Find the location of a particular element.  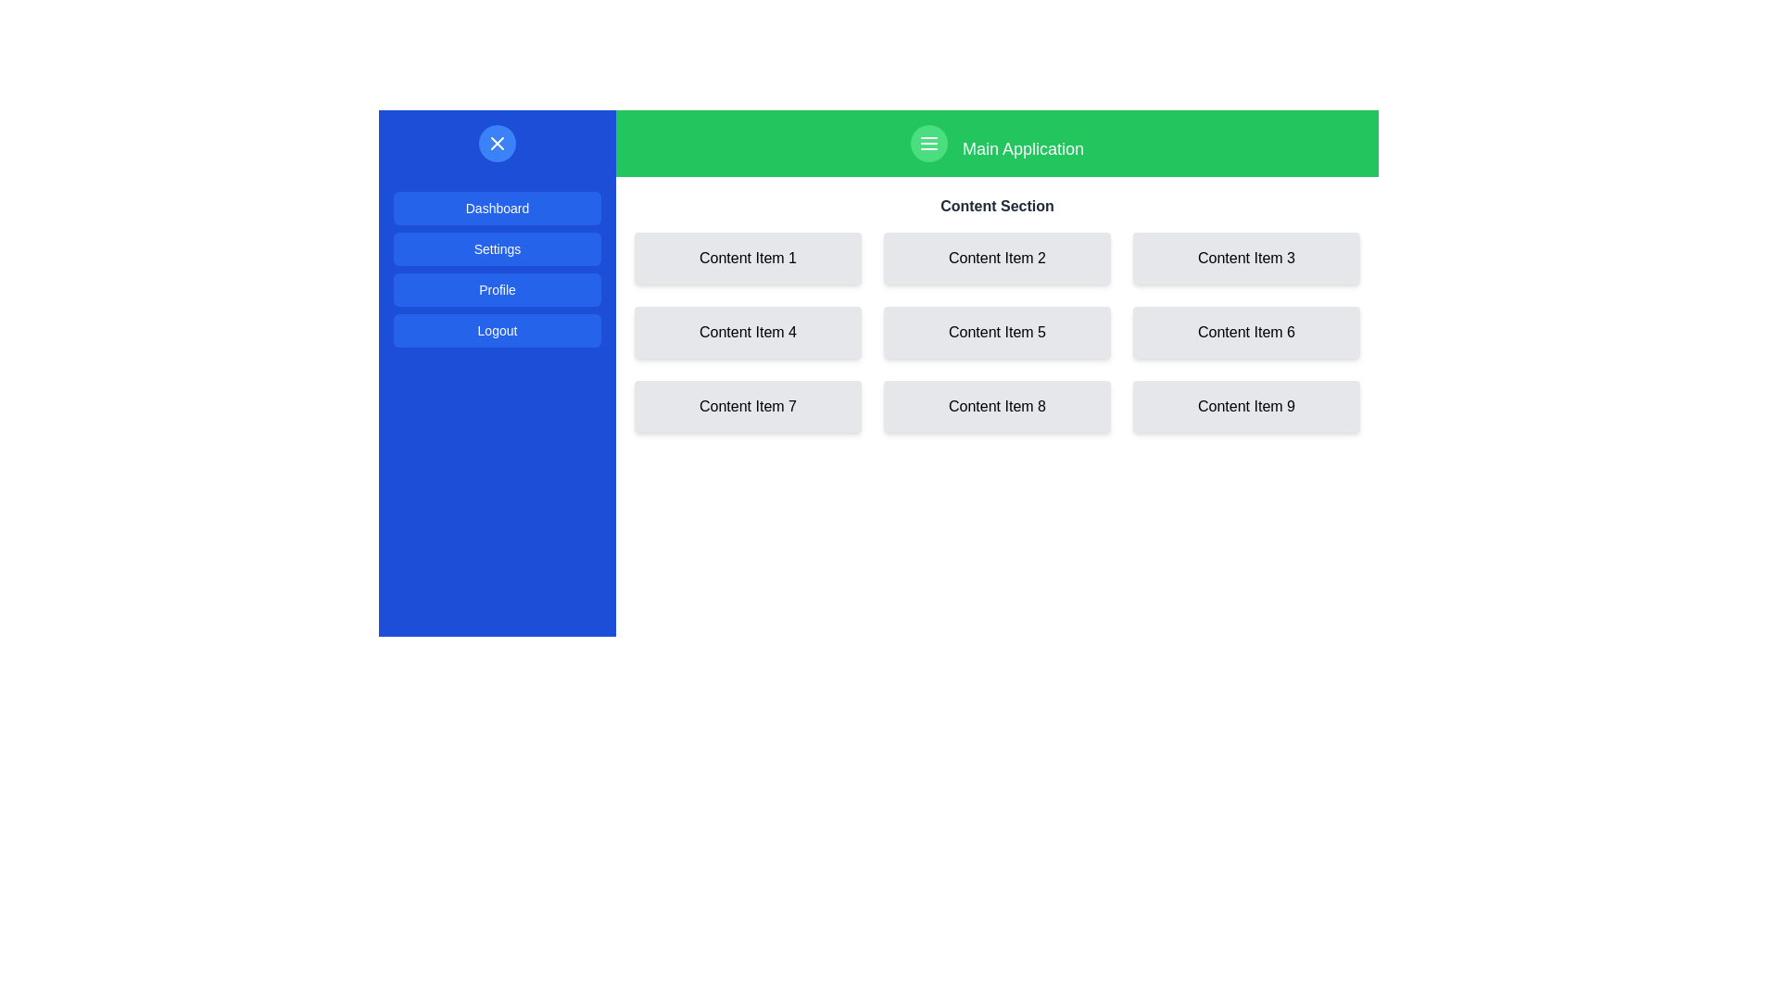

the Text label containing 'Content Item 7', which is a rectangular block with a light gray background located in the bottom-left cell of the grid layout is located at coordinates (748, 406).